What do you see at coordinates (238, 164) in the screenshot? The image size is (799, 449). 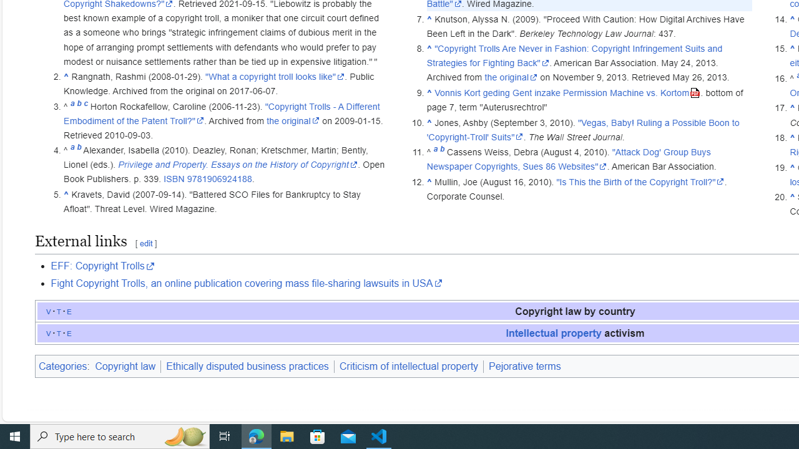 I see `'Privilege and Property. Essays on the History of Copyright'` at bounding box center [238, 164].